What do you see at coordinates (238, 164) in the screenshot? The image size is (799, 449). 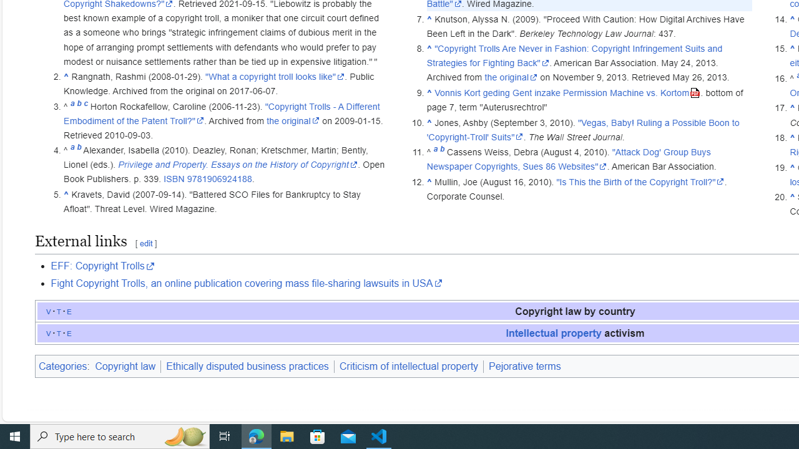 I see `'Privilege and Property. Essays on the History of Copyright'` at bounding box center [238, 164].